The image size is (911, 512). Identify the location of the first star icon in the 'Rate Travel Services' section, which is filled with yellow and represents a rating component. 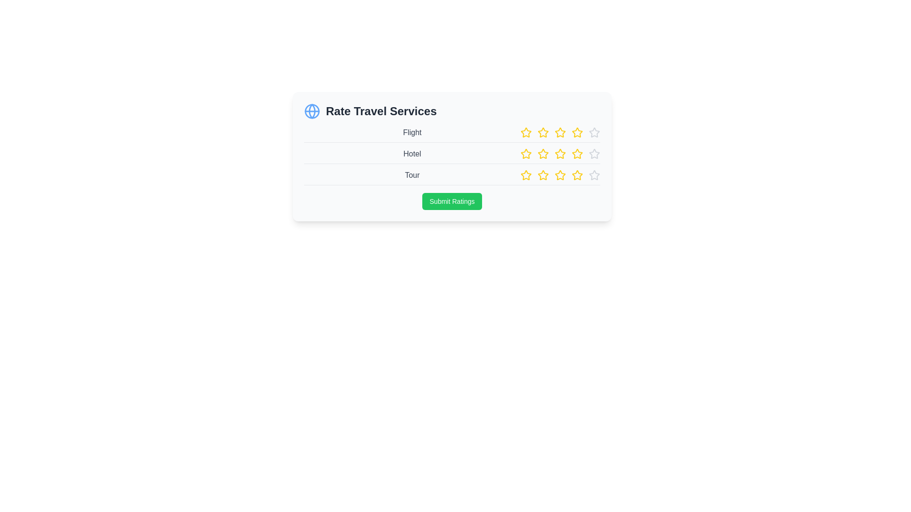
(525, 133).